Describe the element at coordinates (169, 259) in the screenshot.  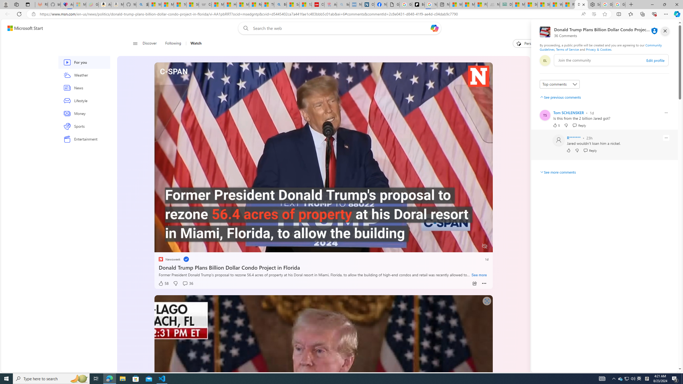
I see `'placeholder Newsweek'` at that location.